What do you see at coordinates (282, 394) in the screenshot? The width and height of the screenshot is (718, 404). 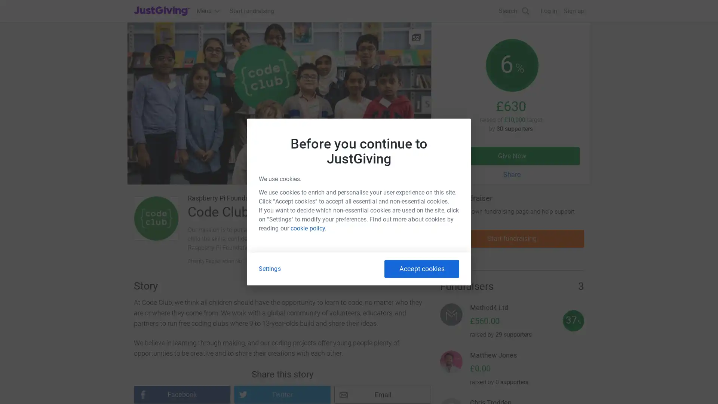 I see `Share on Twitter` at bounding box center [282, 394].